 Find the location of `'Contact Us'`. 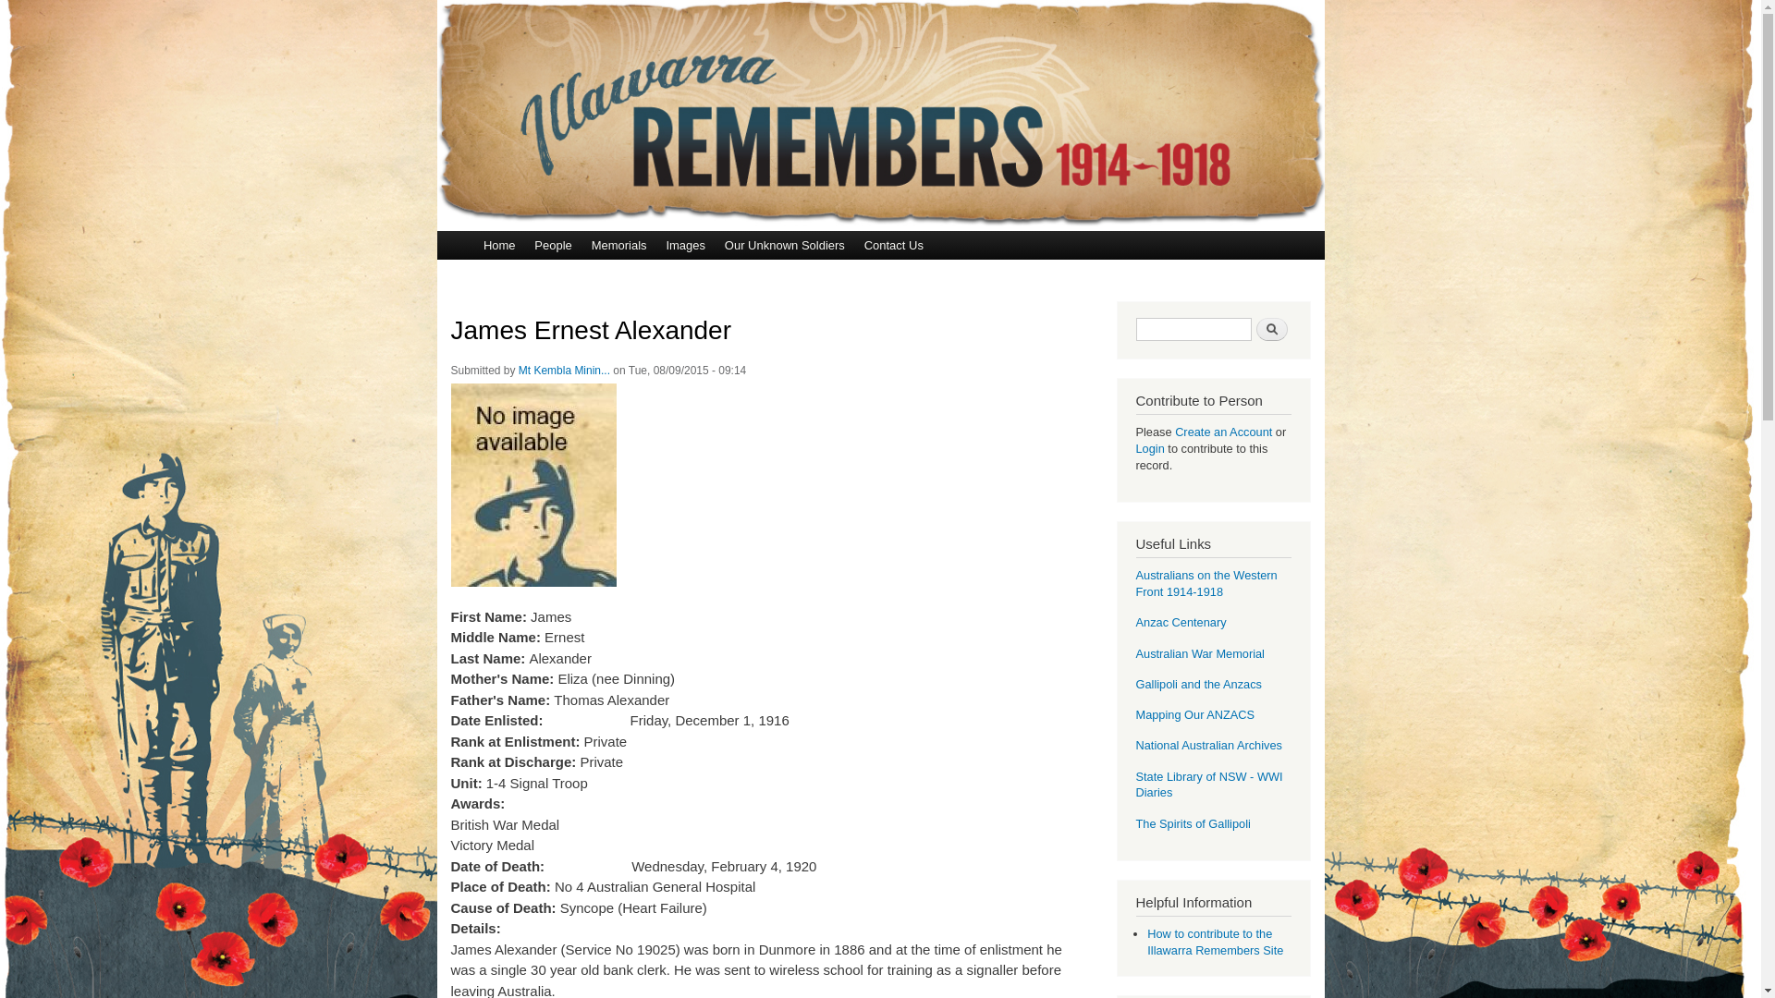

'Contact Us' is located at coordinates (853, 244).